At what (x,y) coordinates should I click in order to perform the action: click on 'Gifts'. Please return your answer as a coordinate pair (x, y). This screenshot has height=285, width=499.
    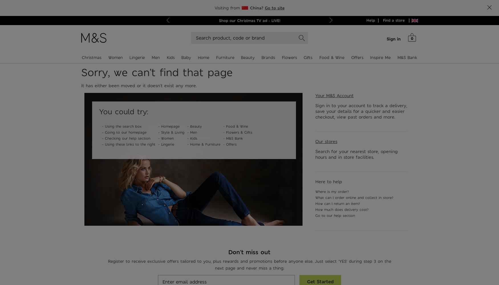
    Looking at the image, I should click on (308, 57).